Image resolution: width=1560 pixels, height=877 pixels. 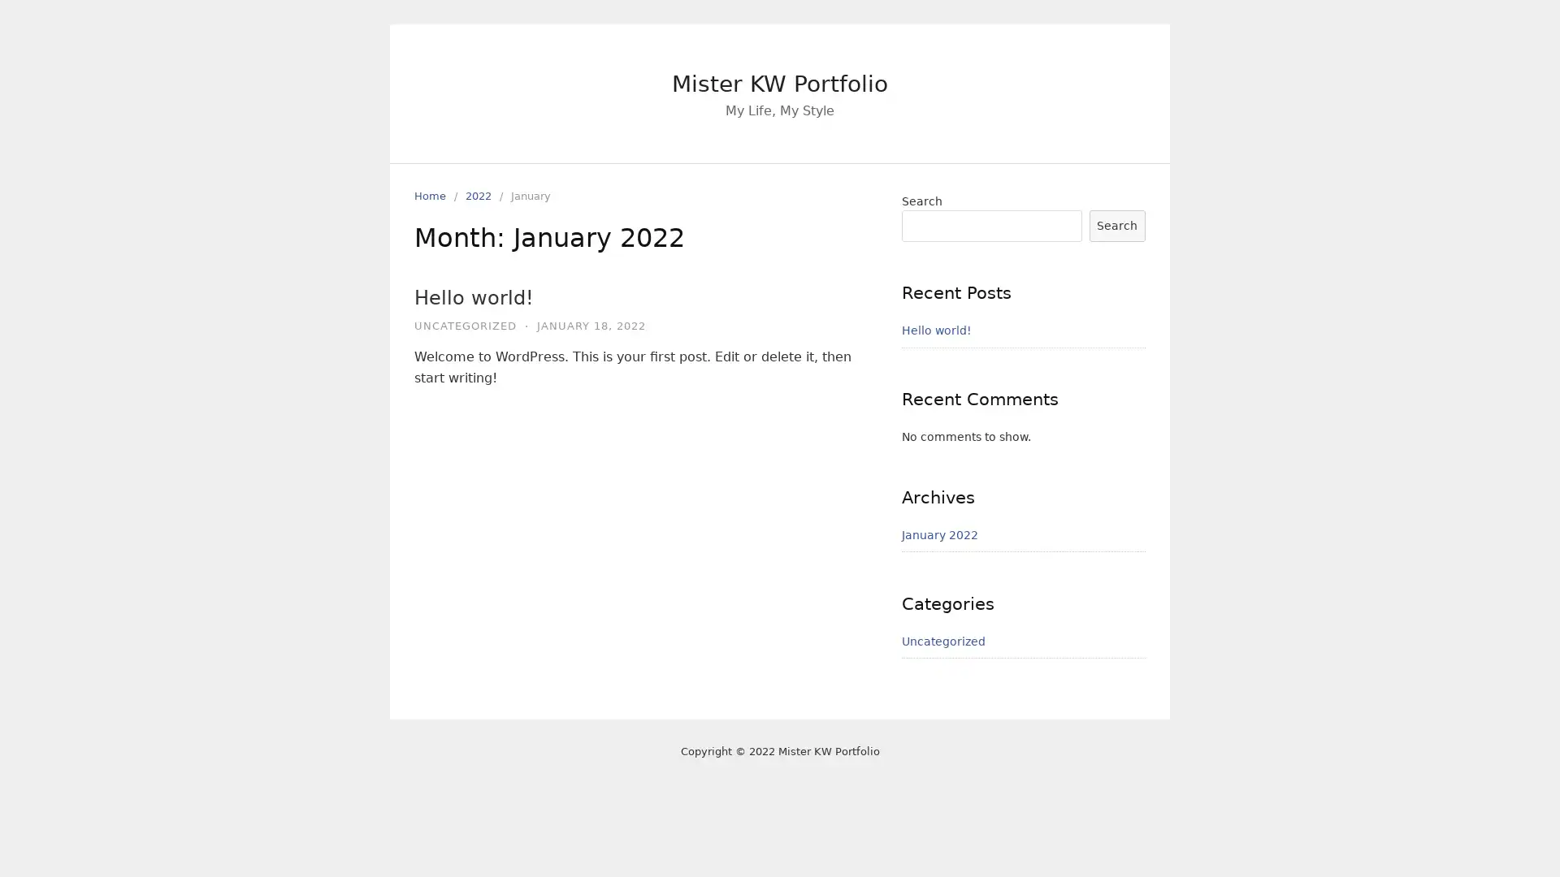 What do you see at coordinates (1116, 225) in the screenshot?
I see `Search` at bounding box center [1116, 225].